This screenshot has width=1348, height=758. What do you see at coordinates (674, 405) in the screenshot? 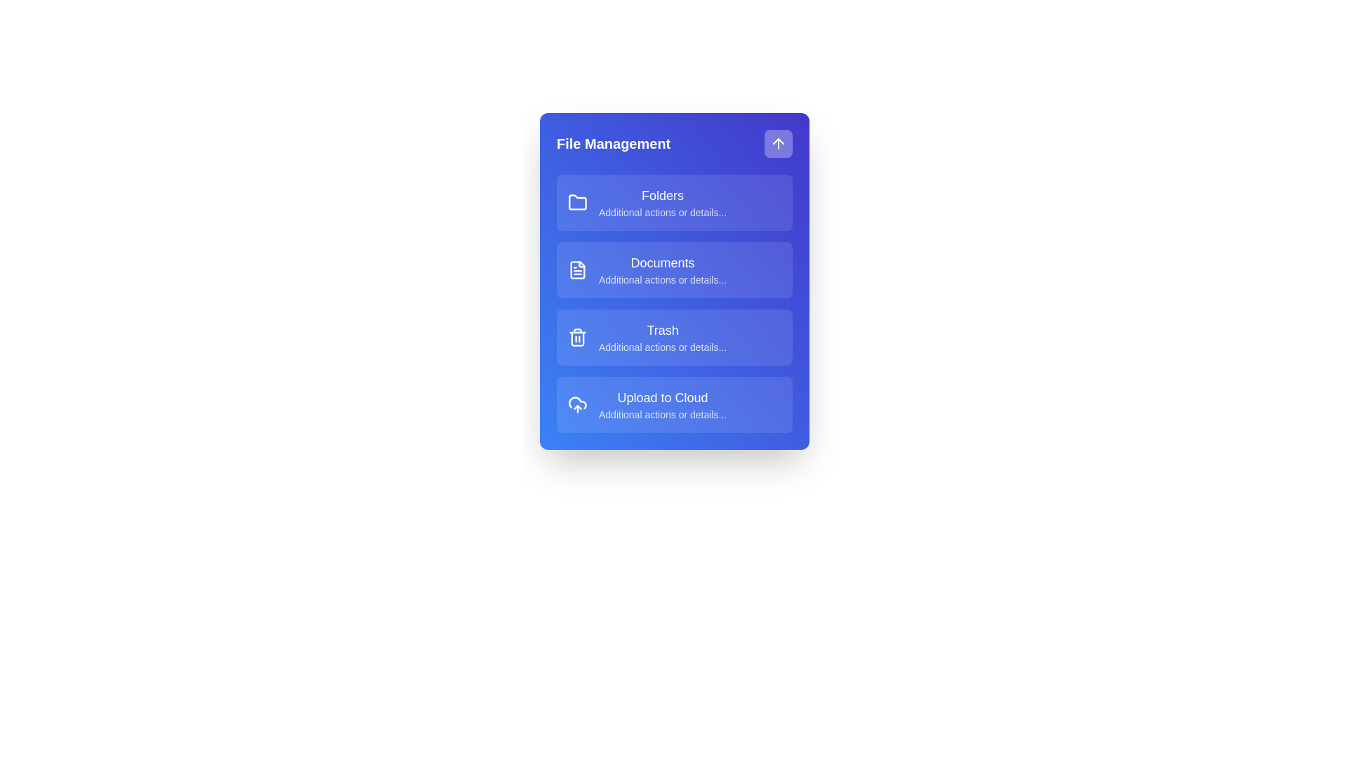
I see `the menu item Upload to Cloud by clicking on it` at bounding box center [674, 405].